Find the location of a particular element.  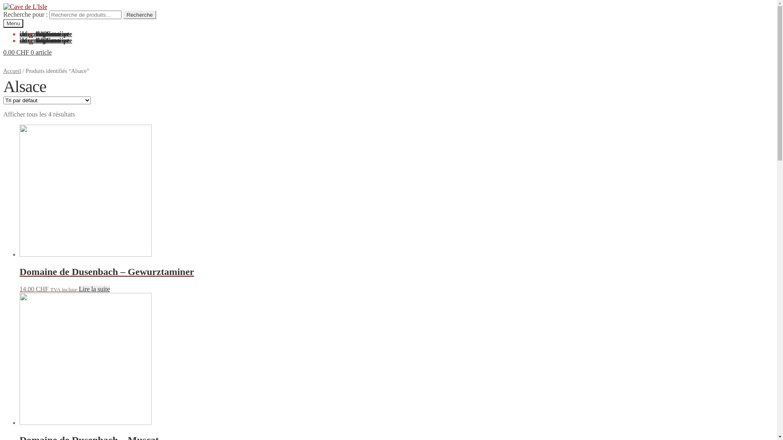

'vos favoris' is located at coordinates (50, 33).